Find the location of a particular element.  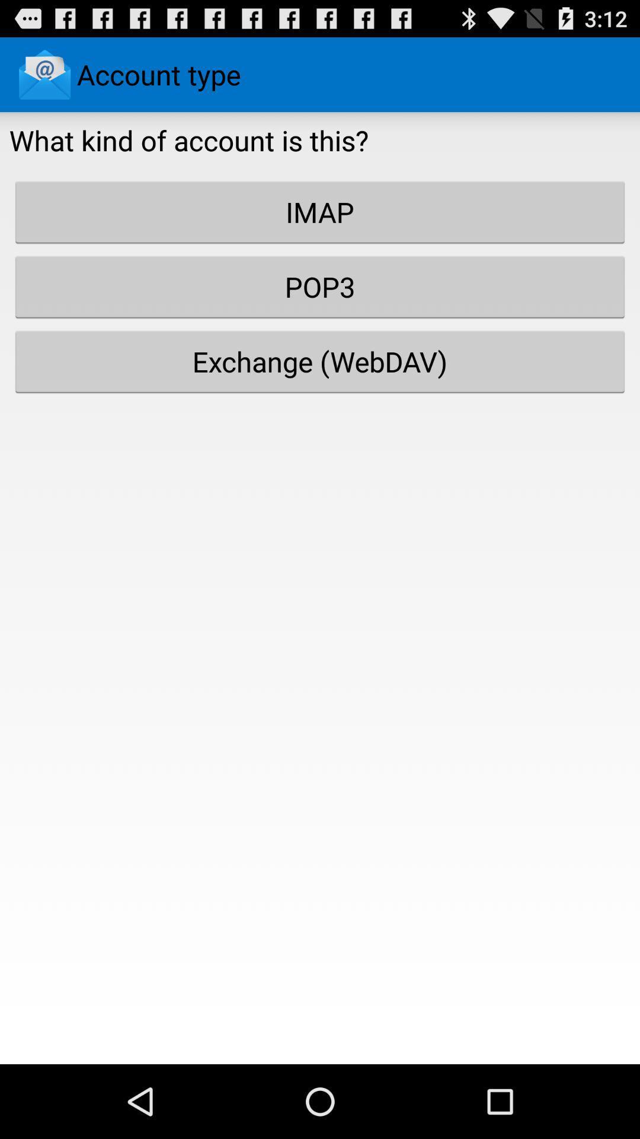

the button above exchange (webdav) item is located at coordinates (320, 287).